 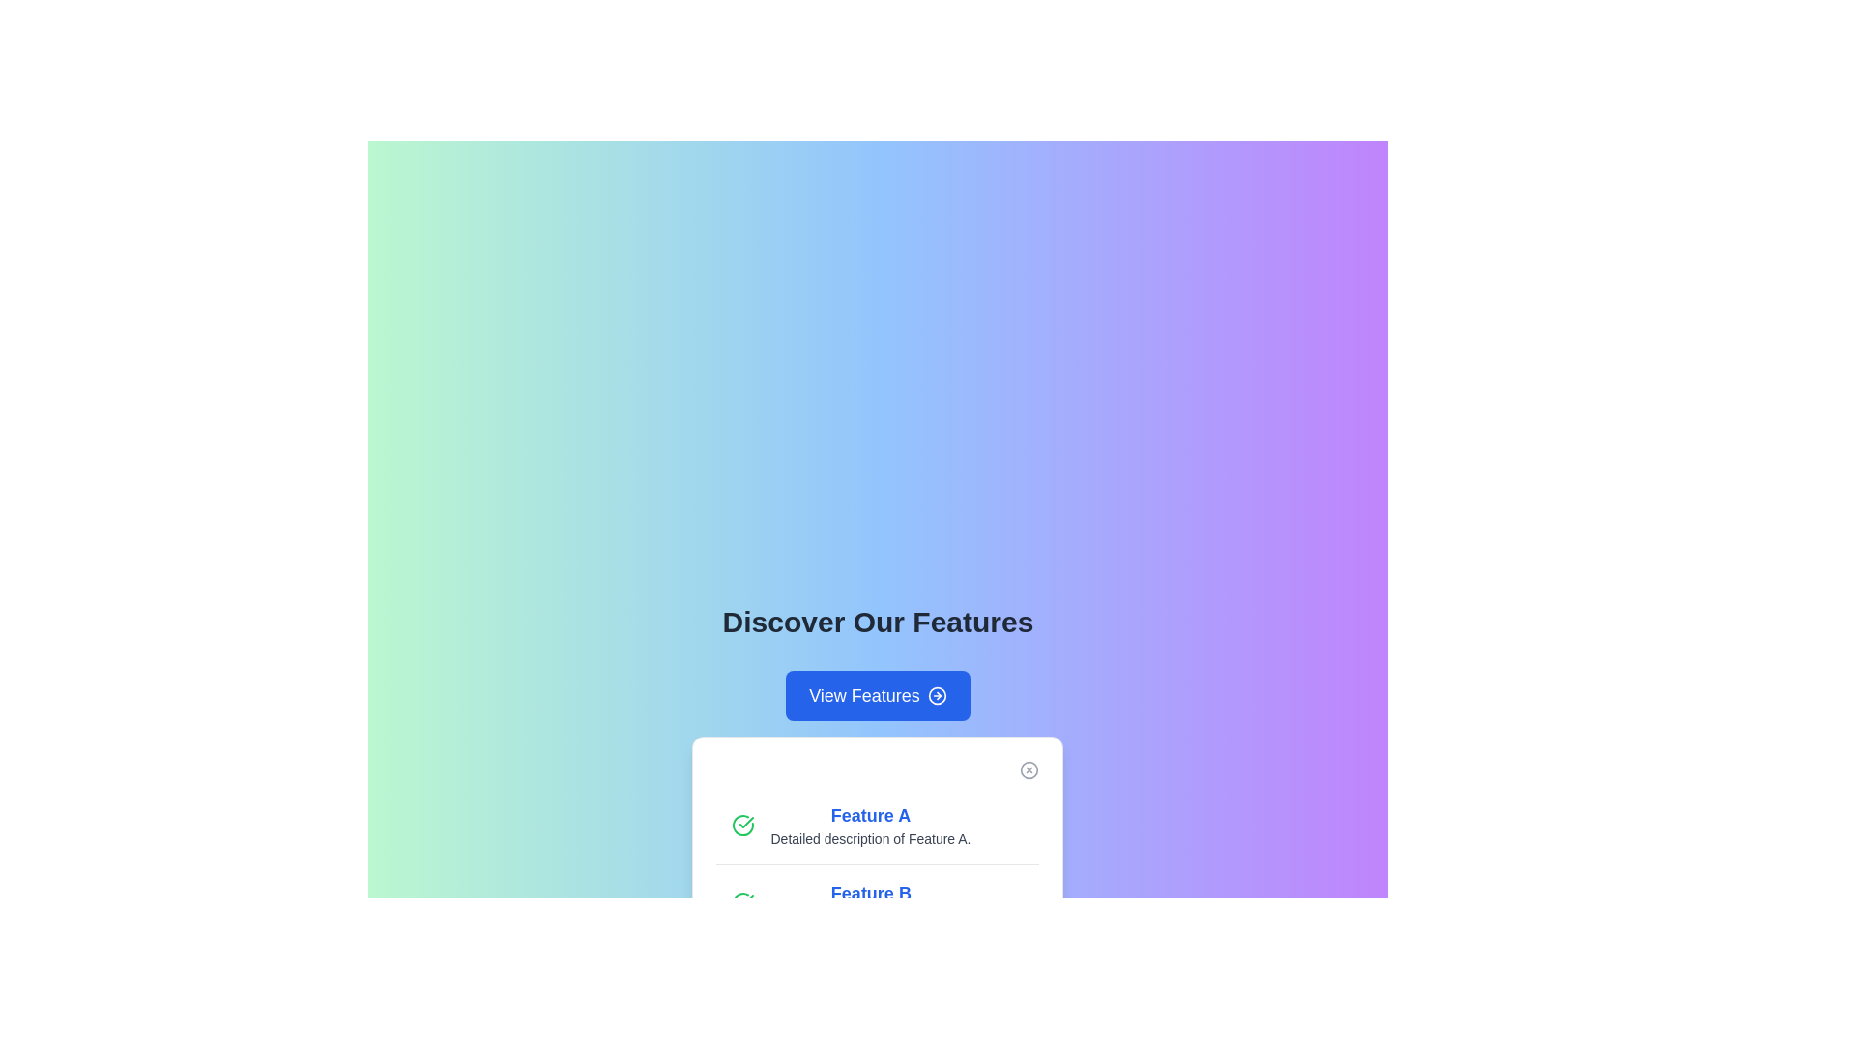 What do you see at coordinates (877, 623) in the screenshot?
I see `the bold heading with the text 'Discover Our Features' which is centered on a gradient background and is positioned above the 'View Features' button` at bounding box center [877, 623].